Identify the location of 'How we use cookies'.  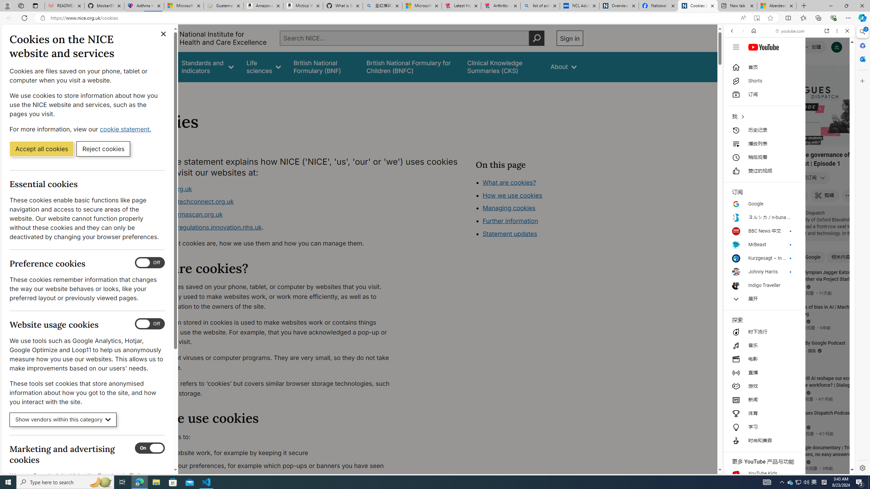
(512, 195).